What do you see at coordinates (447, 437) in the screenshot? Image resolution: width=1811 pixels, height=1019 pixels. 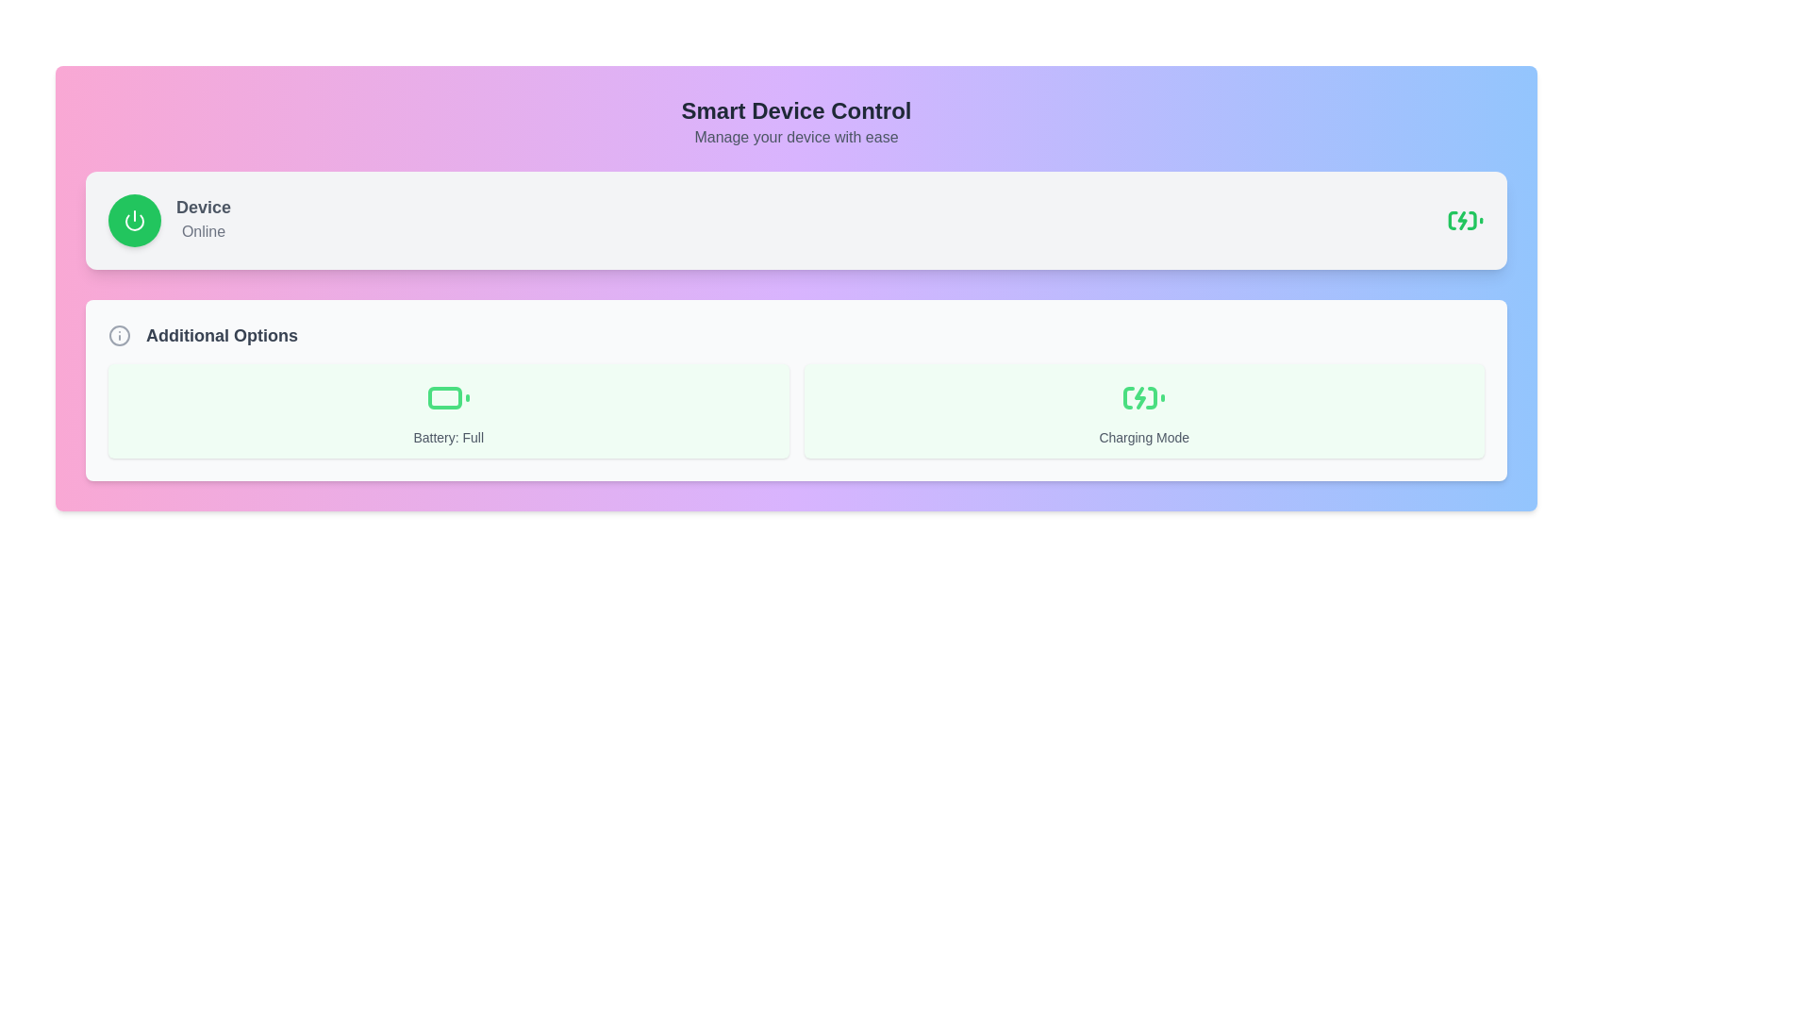 I see `the Text Label displaying 'Battery: Full', which is centrally aligned within a green rounded rectangular background and located below the battery icon` at bounding box center [447, 437].